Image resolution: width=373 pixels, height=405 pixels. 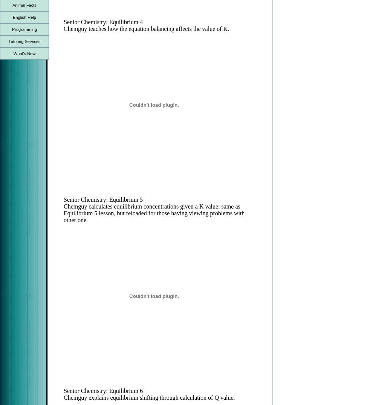 What do you see at coordinates (24, 29) in the screenshot?
I see `'Programming'` at bounding box center [24, 29].